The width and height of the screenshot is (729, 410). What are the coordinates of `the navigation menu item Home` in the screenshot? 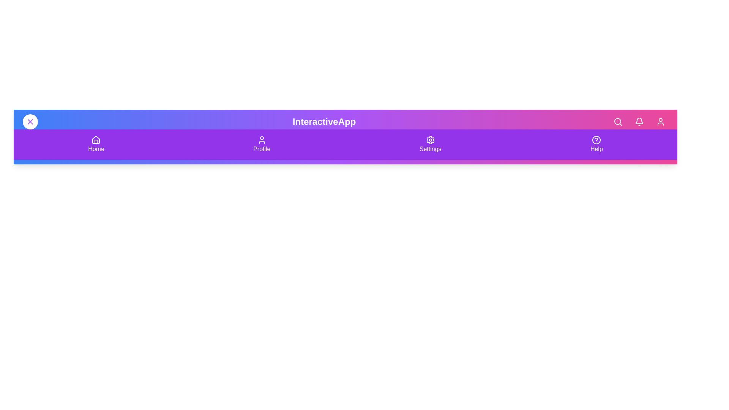 It's located at (96, 145).